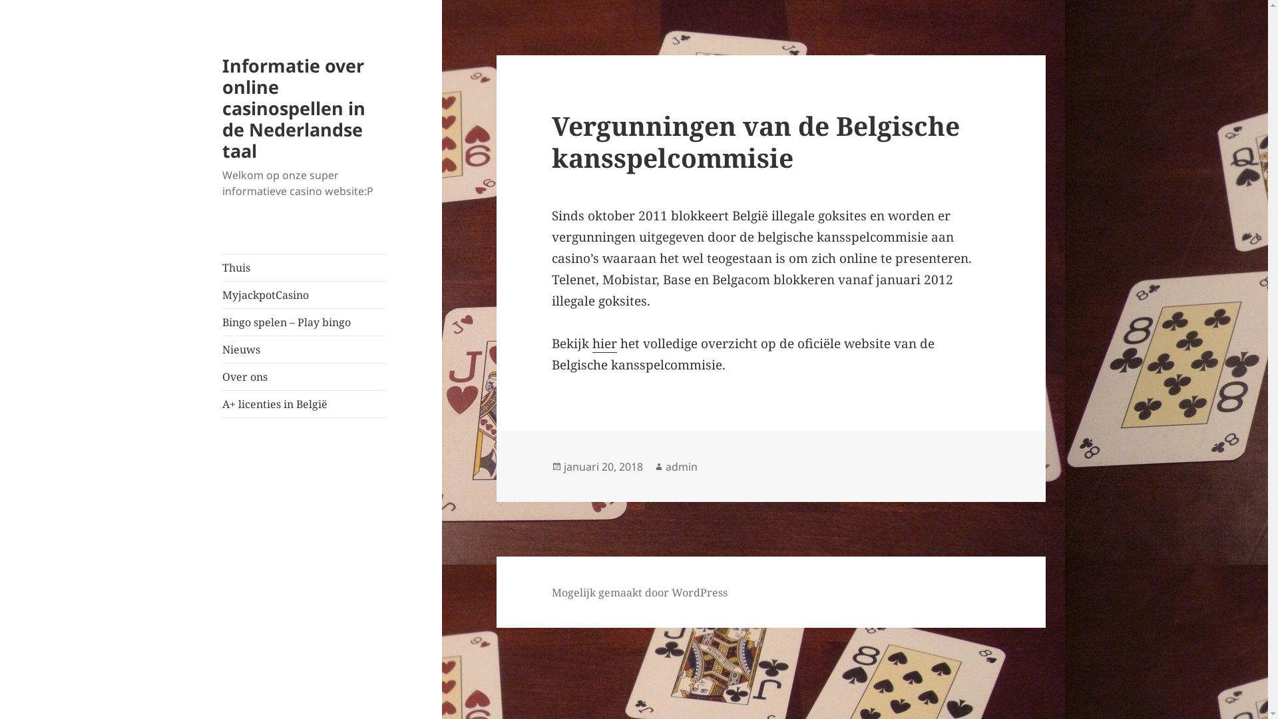  Describe the element at coordinates (304, 294) in the screenshot. I see `'MyjackpotCasino'` at that location.